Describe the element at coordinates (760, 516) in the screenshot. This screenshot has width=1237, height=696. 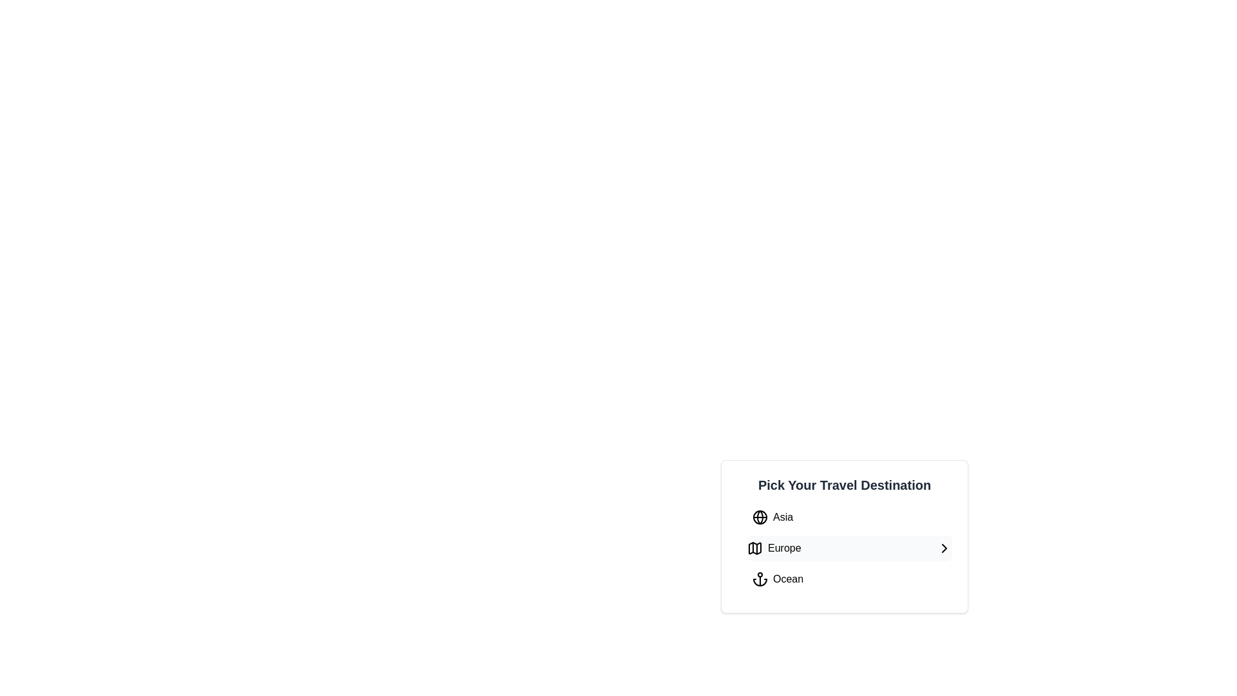
I see `the globe icon element, which is part of the SVG graphic next to the text 'Asia' in the 'Pick Your Travel Destination' card` at that location.